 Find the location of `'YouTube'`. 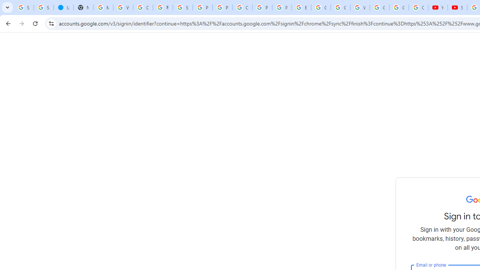

'YouTube' is located at coordinates (438, 7).